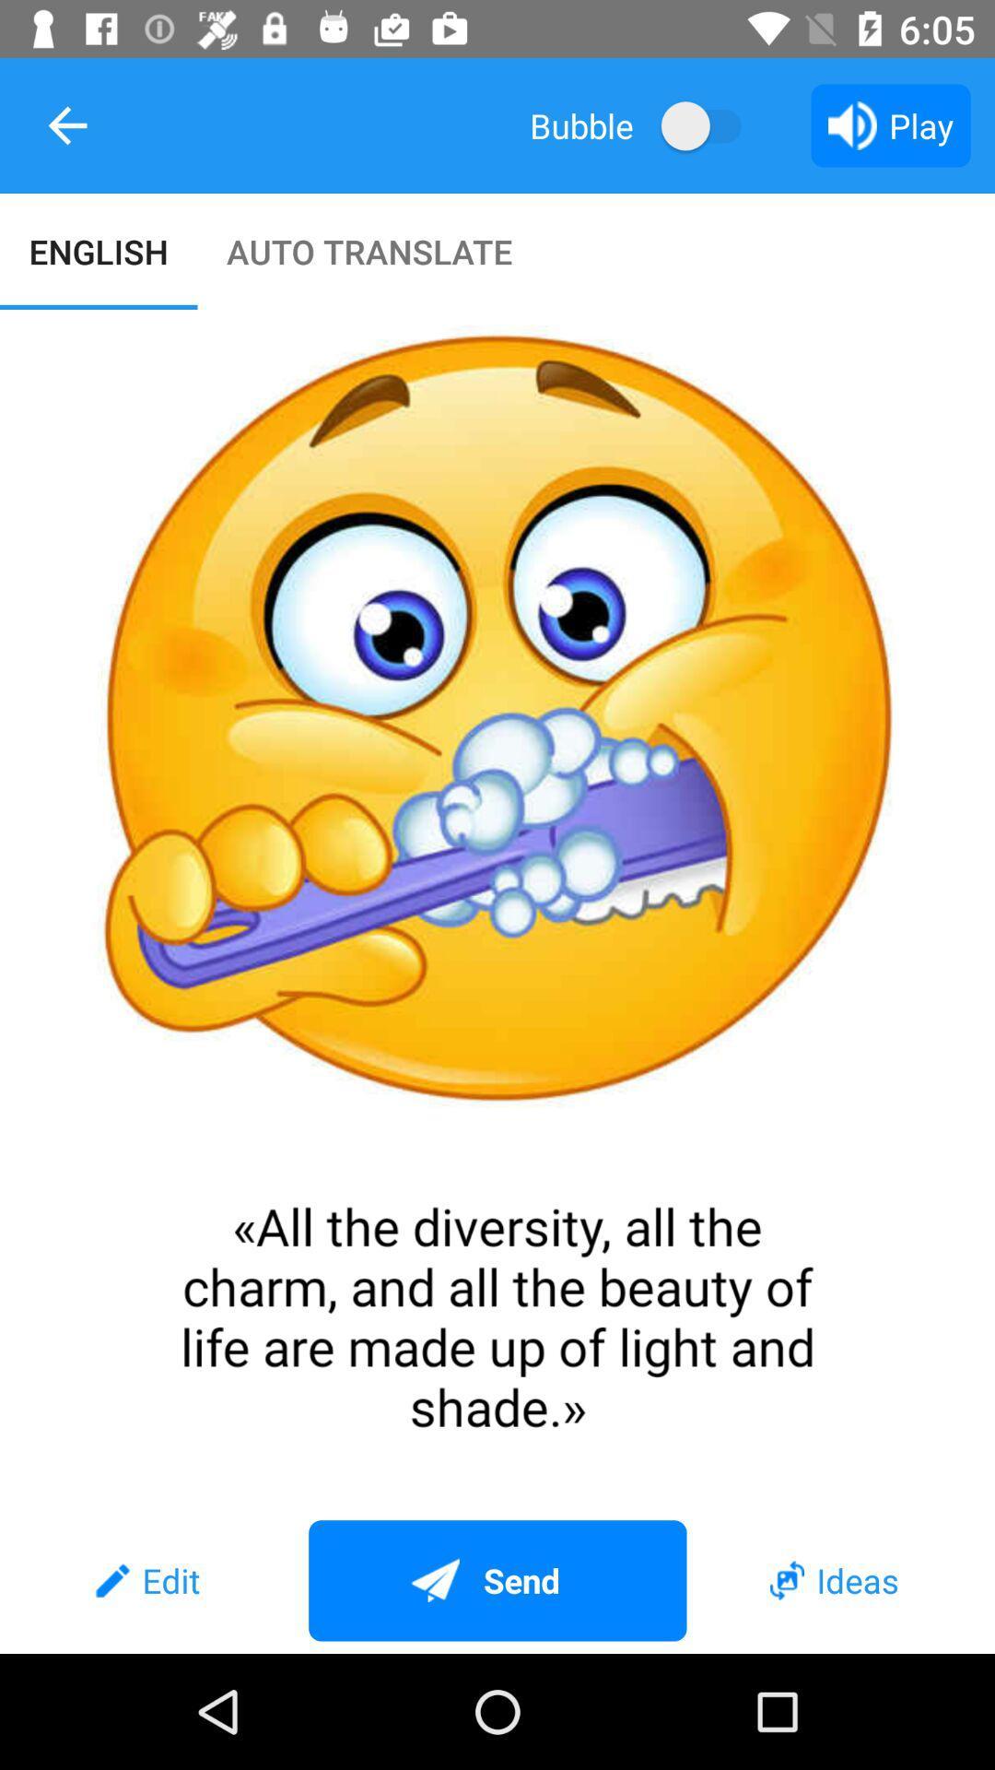 This screenshot has width=995, height=1770. What do you see at coordinates (709, 124) in the screenshot?
I see `the icon which is to the right from the bubble` at bounding box center [709, 124].